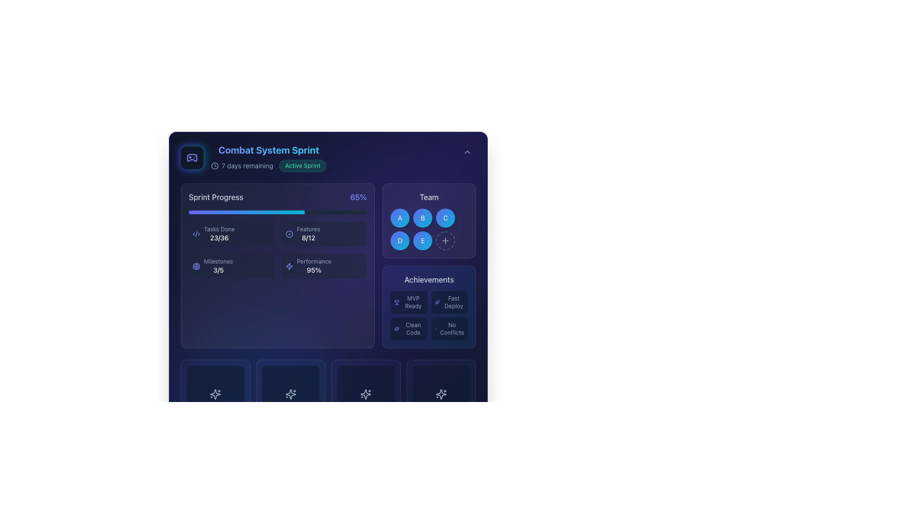 Image resolution: width=911 pixels, height=512 pixels. Describe the element at coordinates (215, 394) in the screenshot. I see `the button-like interactive area located in the first column, first row of the grid layout, positioned below the 'Sprint Progress' section for visual feedback` at that location.